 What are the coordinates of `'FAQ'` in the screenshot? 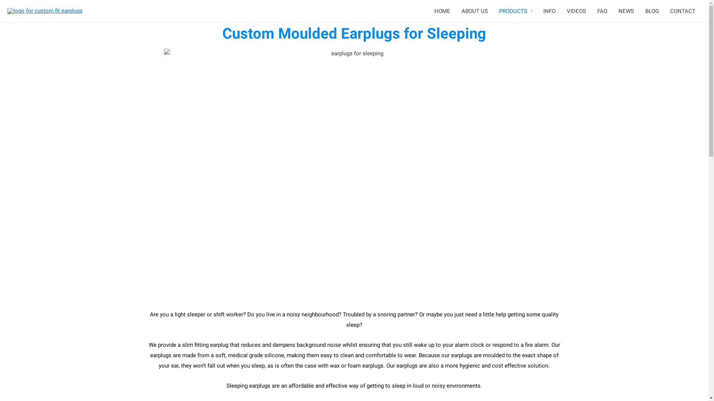 It's located at (602, 11).